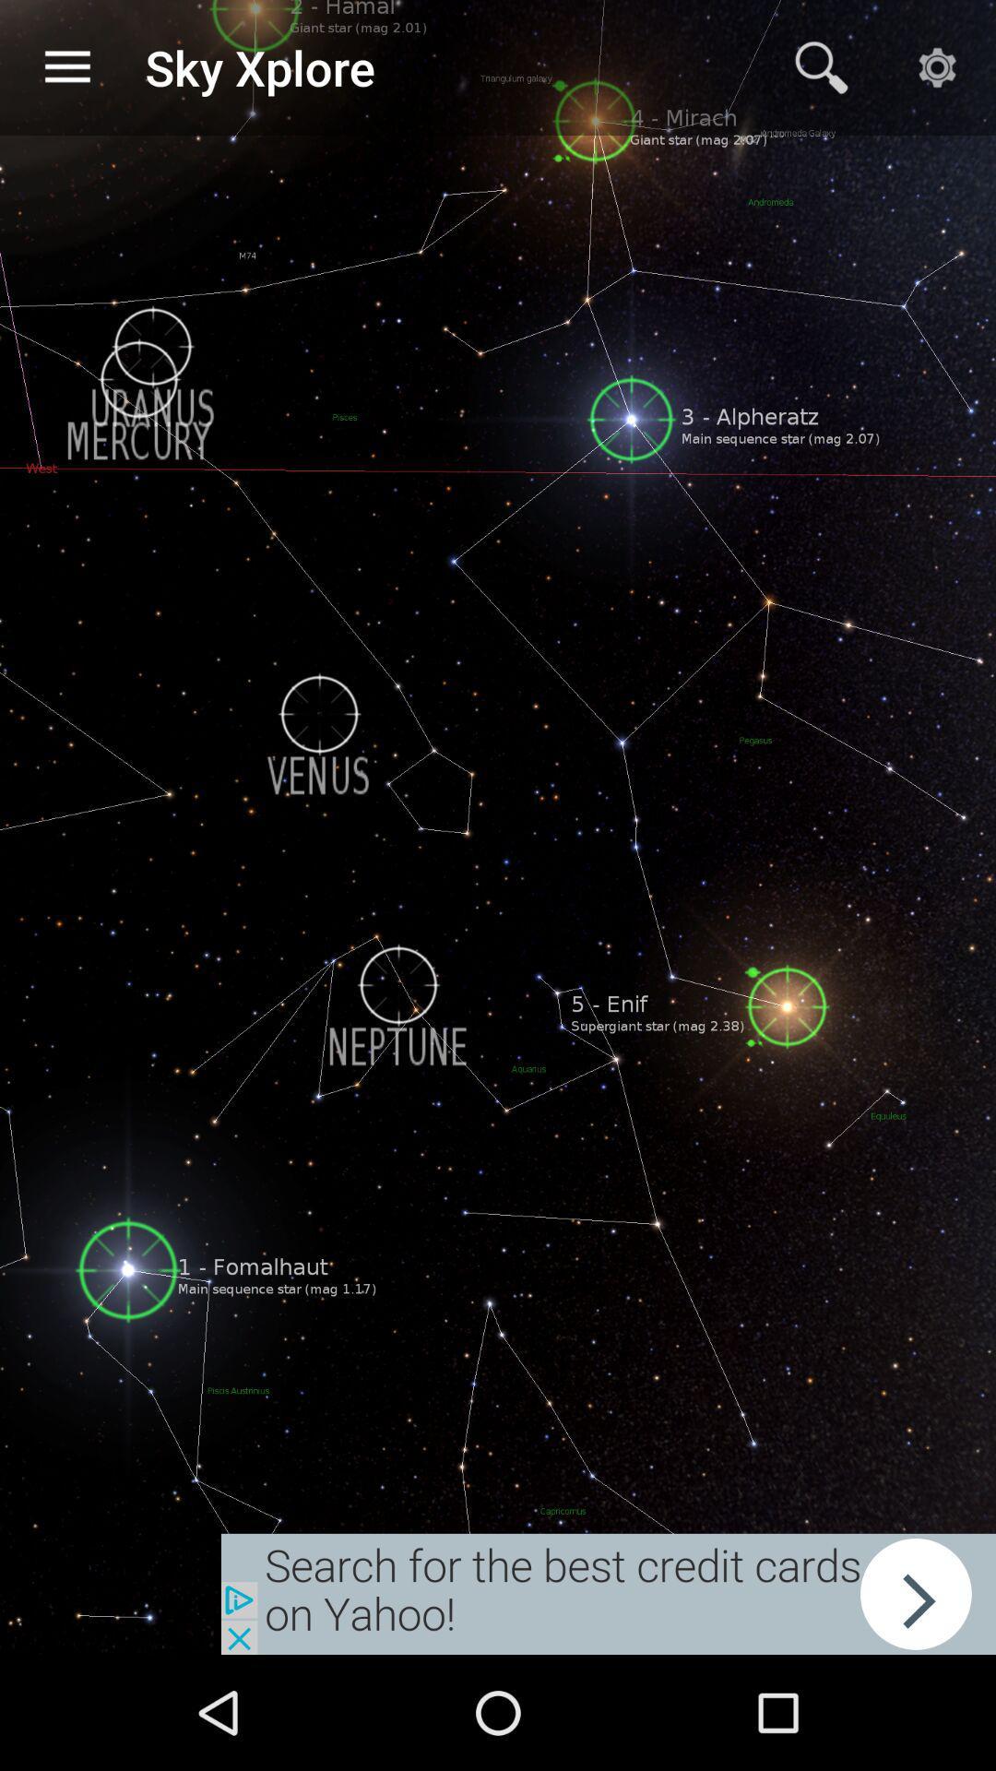  Describe the element at coordinates (608, 1593) in the screenshot. I see `advertisement bar` at that location.